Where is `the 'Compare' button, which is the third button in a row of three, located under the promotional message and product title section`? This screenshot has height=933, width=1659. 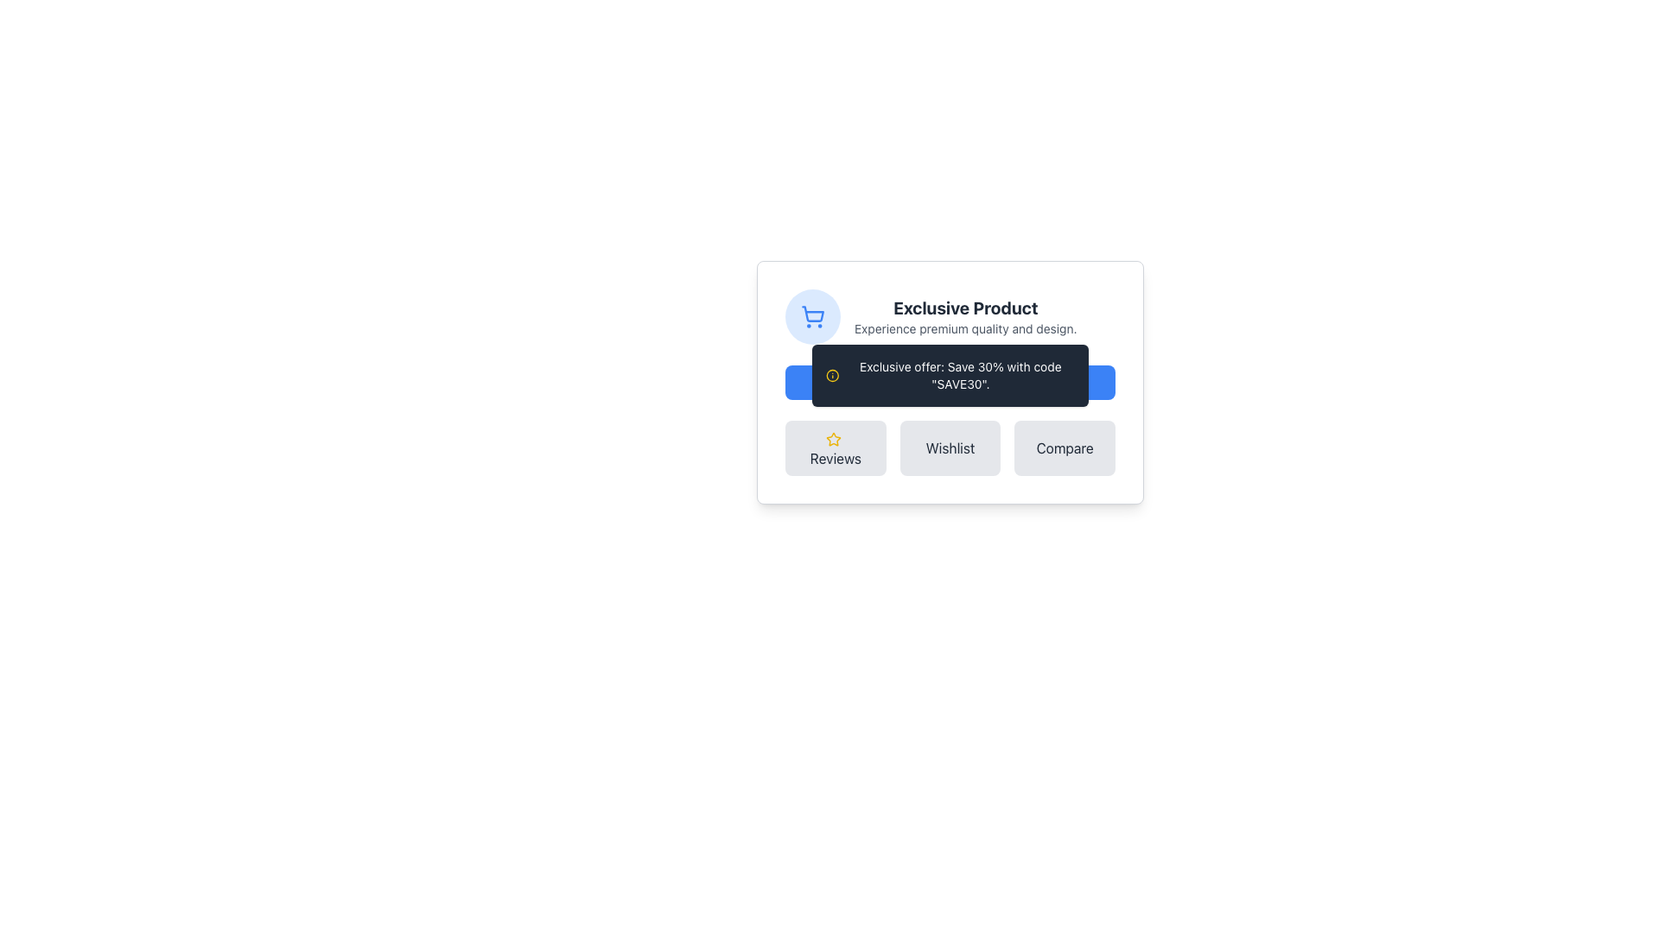 the 'Compare' button, which is the third button in a row of three, located under the promotional message and product title section is located at coordinates (1064, 447).